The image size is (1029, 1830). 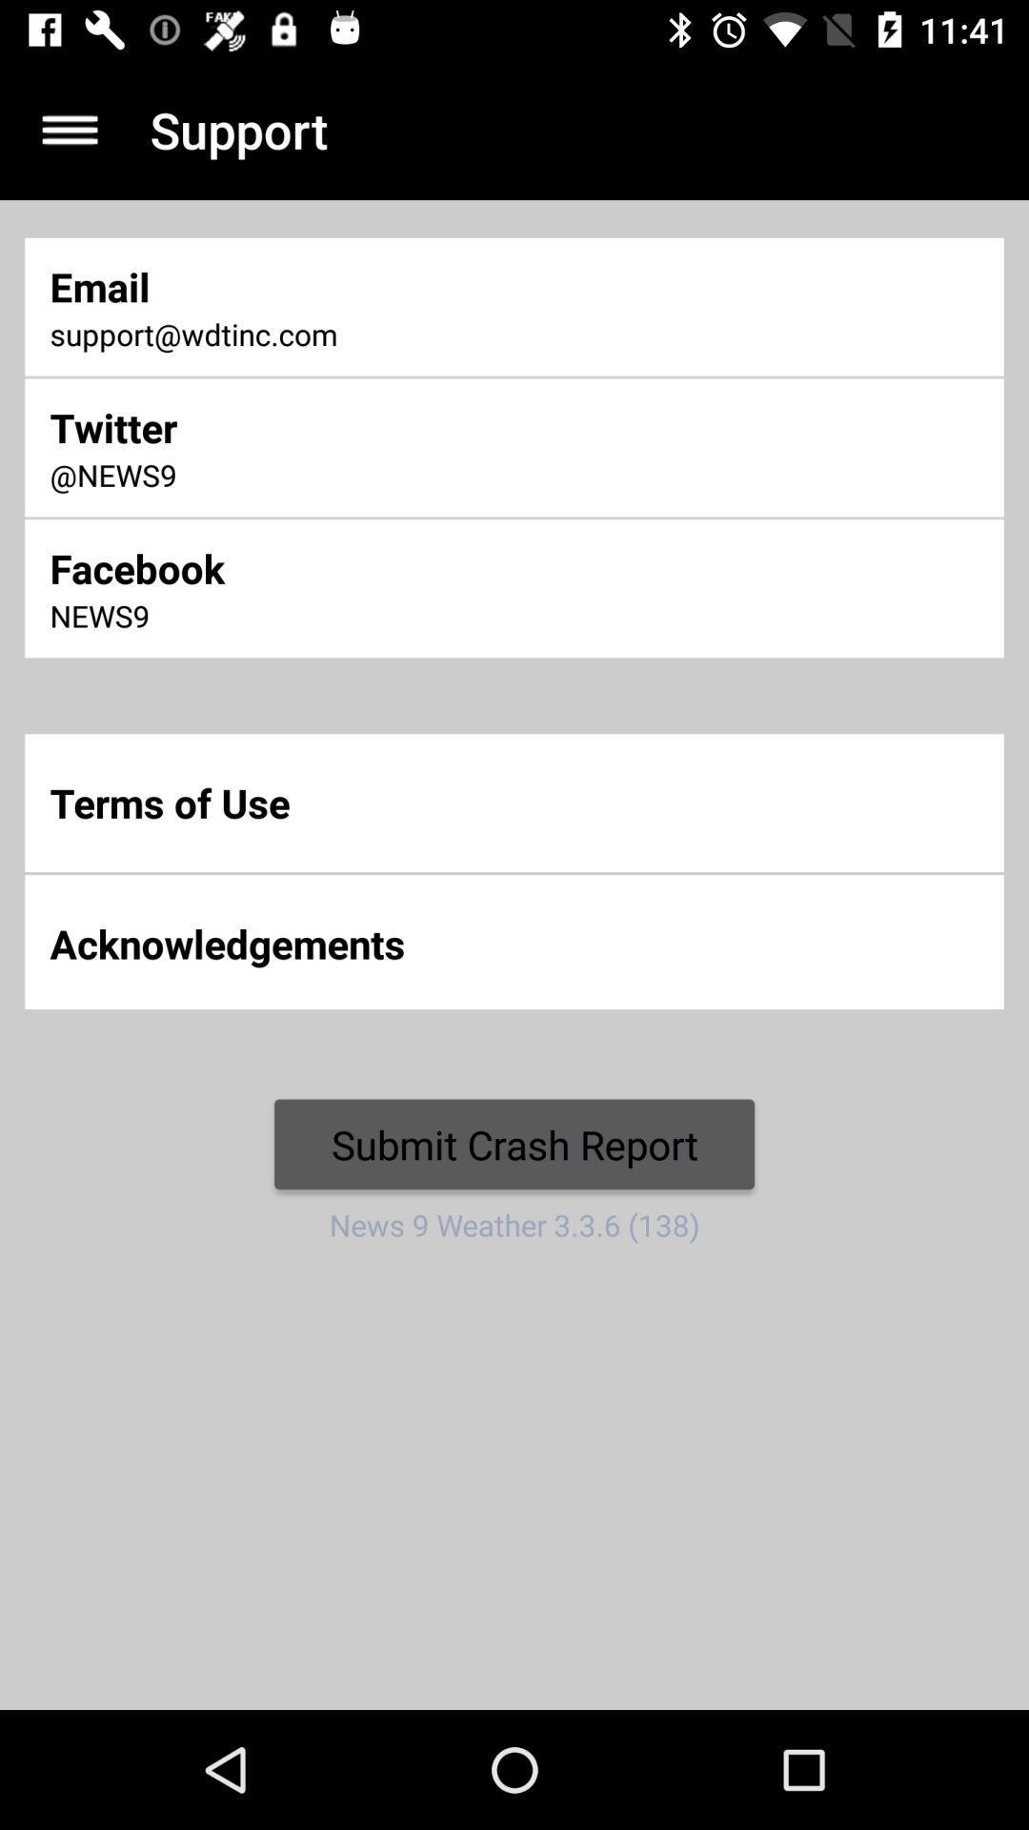 What do you see at coordinates (514, 1144) in the screenshot?
I see `the submit crash report item` at bounding box center [514, 1144].